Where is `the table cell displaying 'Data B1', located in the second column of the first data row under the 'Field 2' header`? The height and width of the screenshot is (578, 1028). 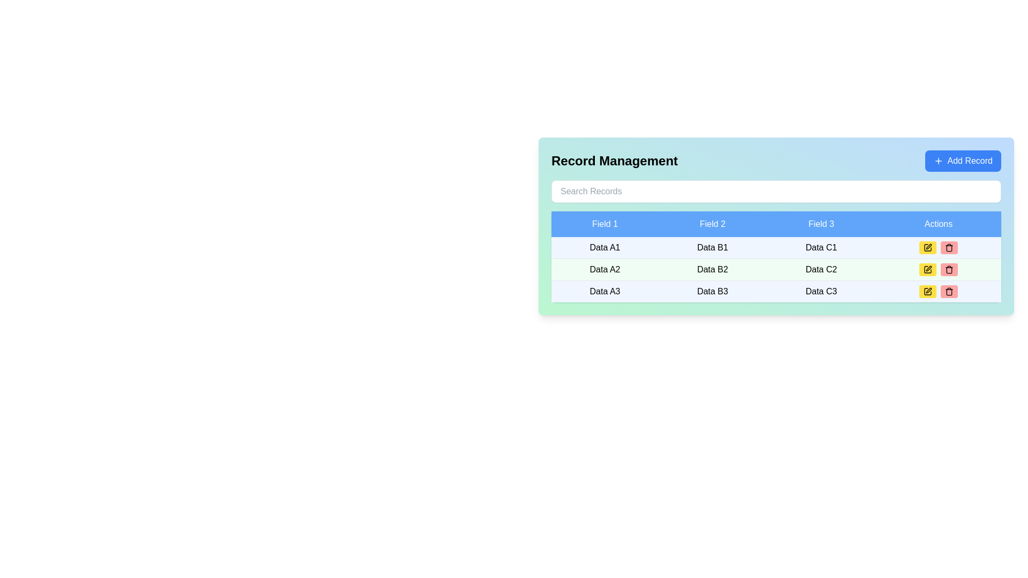 the table cell displaying 'Data B1', located in the second column of the first data row under the 'Field 2' header is located at coordinates (712, 248).